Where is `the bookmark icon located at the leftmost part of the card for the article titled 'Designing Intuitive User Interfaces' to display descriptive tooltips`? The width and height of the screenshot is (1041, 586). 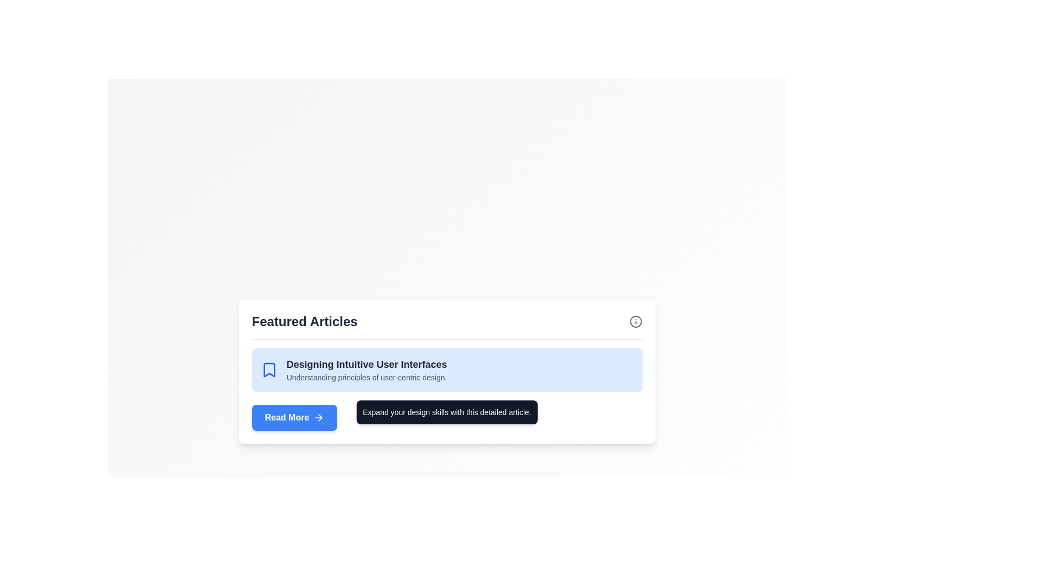 the bookmark icon located at the leftmost part of the card for the article titled 'Designing Intuitive User Interfaces' to display descriptive tooltips is located at coordinates (269, 369).